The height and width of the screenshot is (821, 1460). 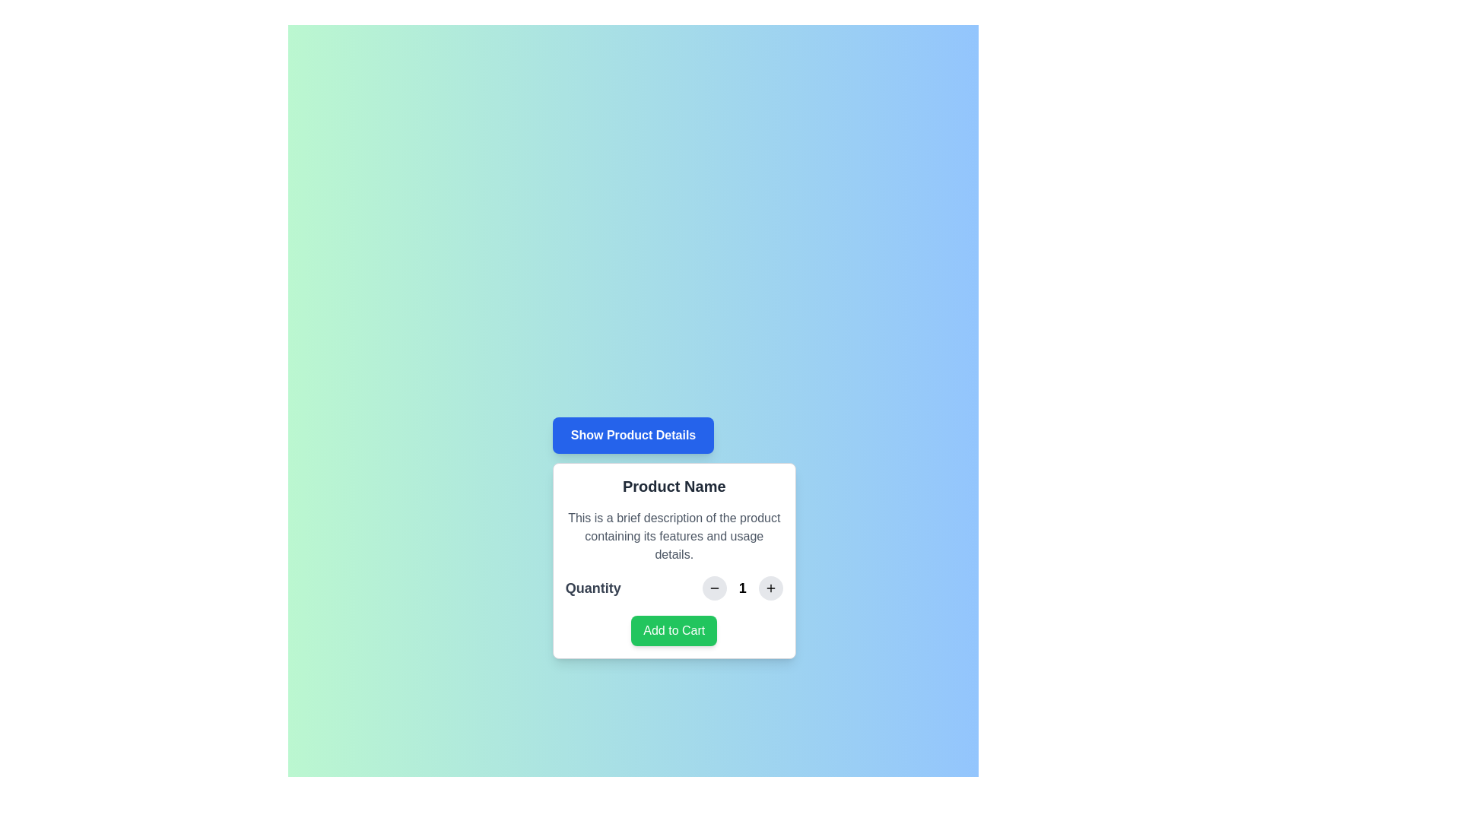 I want to click on the increment button located to the right of the numeral '1' in the product quantity management controls, allowing for keyboard interaction, so click(x=770, y=588).